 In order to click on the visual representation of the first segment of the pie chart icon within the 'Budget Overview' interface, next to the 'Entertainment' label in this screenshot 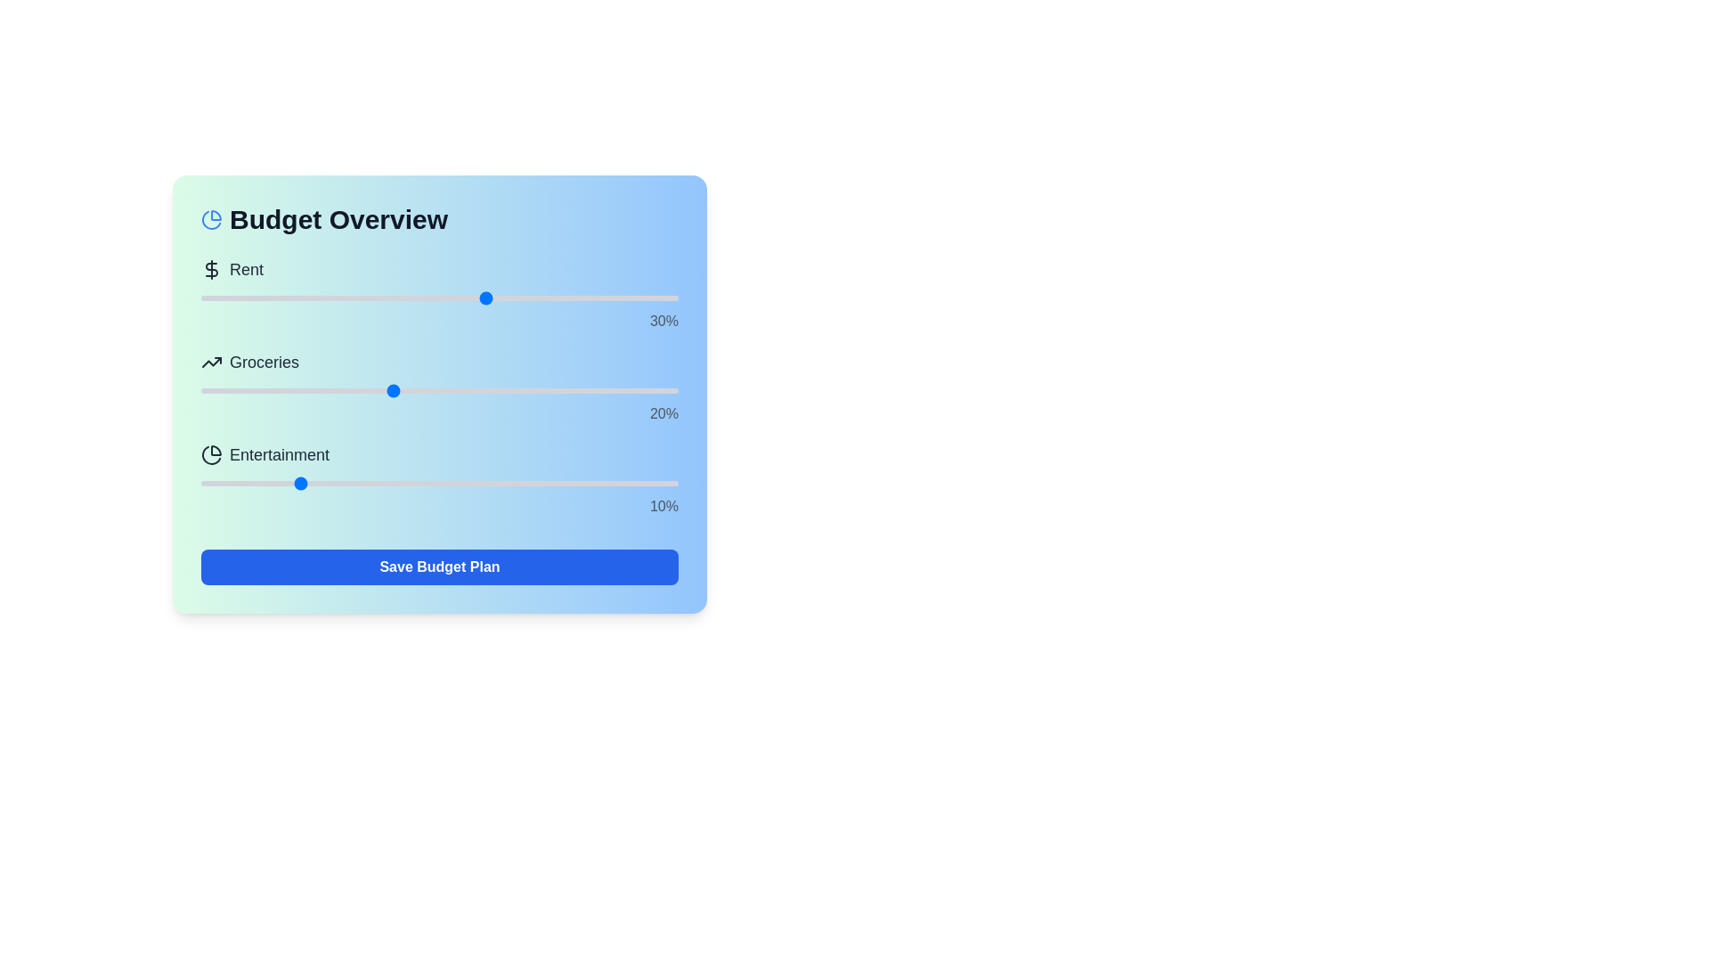, I will do `click(216, 449)`.